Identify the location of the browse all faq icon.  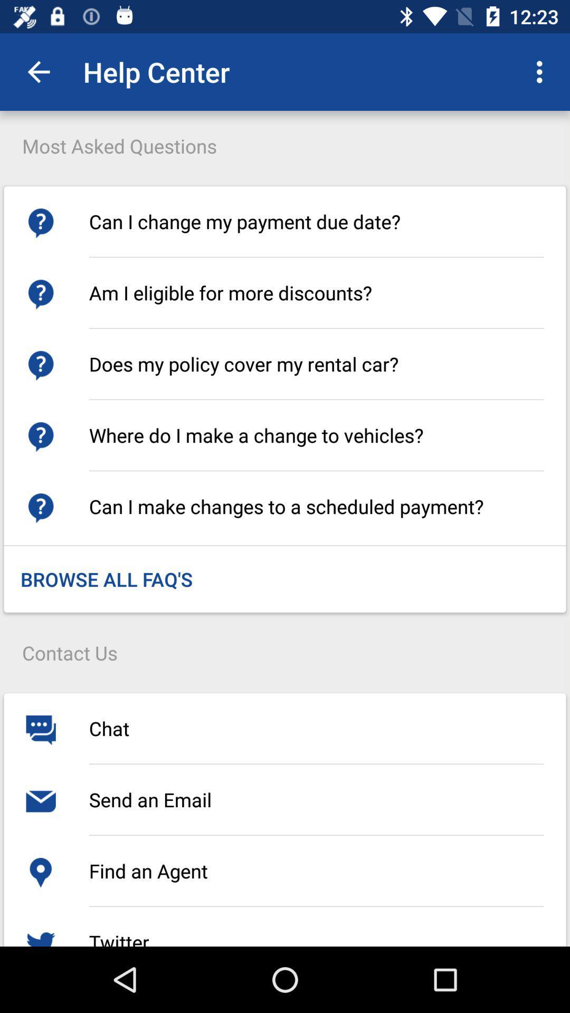
(107, 579).